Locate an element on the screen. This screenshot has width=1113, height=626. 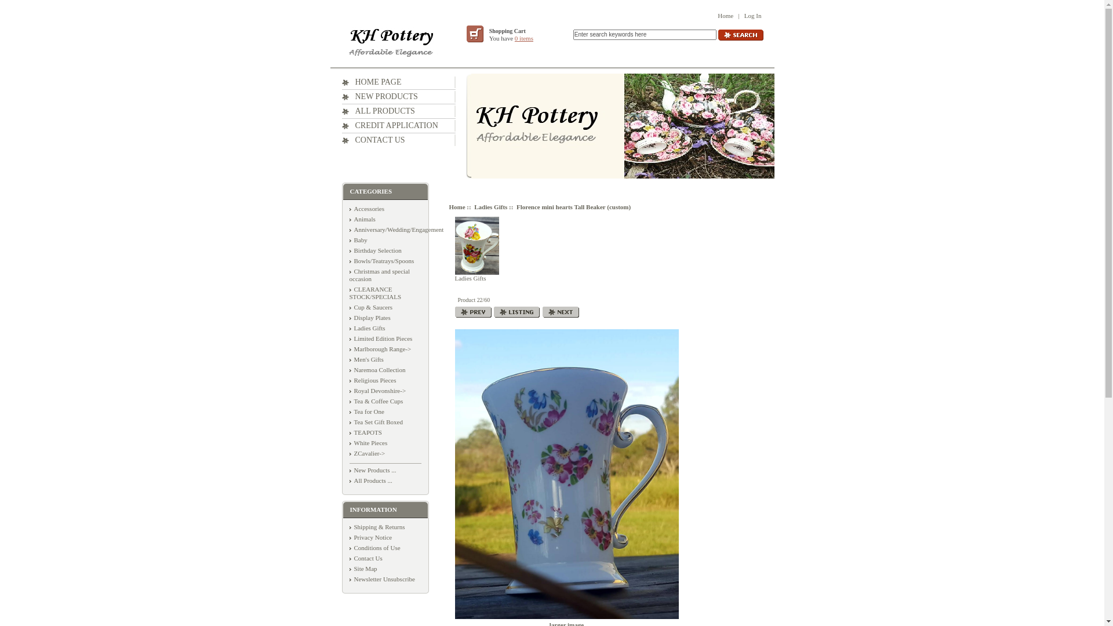
'ALL PRODUCTS' is located at coordinates (378, 111).